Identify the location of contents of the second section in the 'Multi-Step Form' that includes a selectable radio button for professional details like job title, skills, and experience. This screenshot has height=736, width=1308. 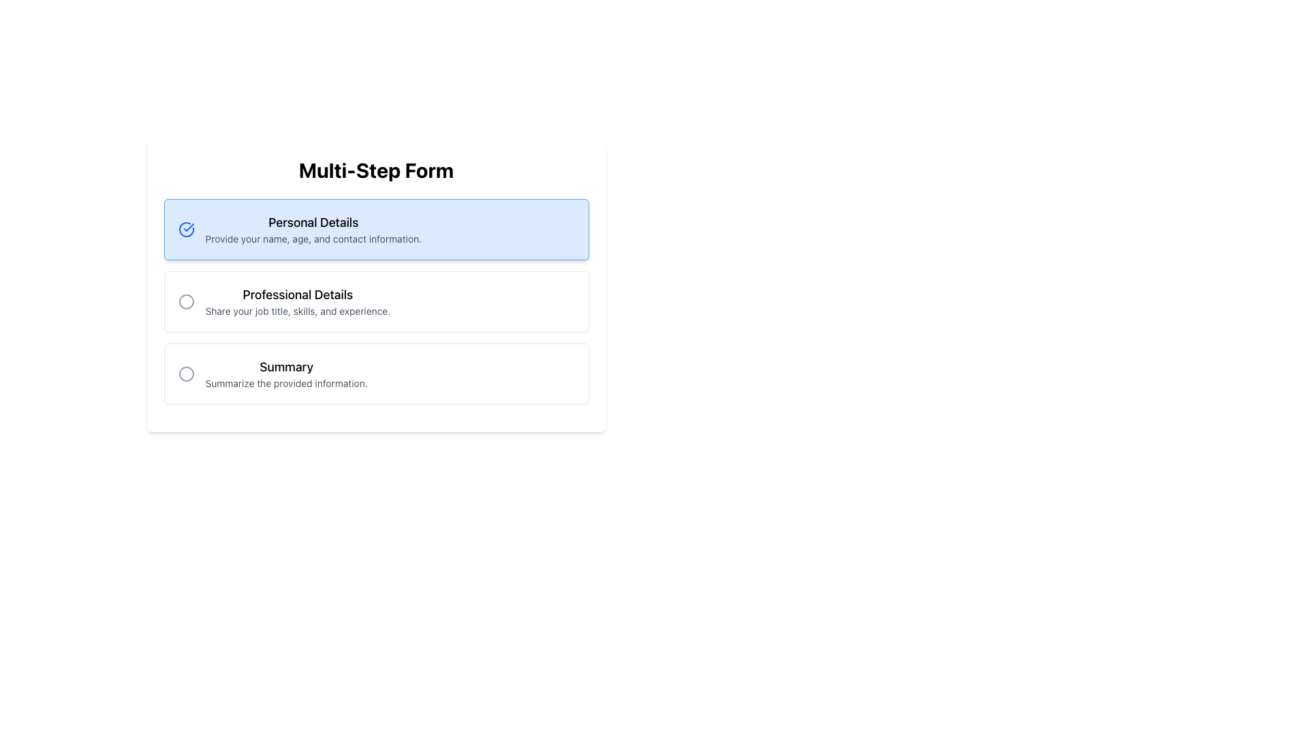
(376, 301).